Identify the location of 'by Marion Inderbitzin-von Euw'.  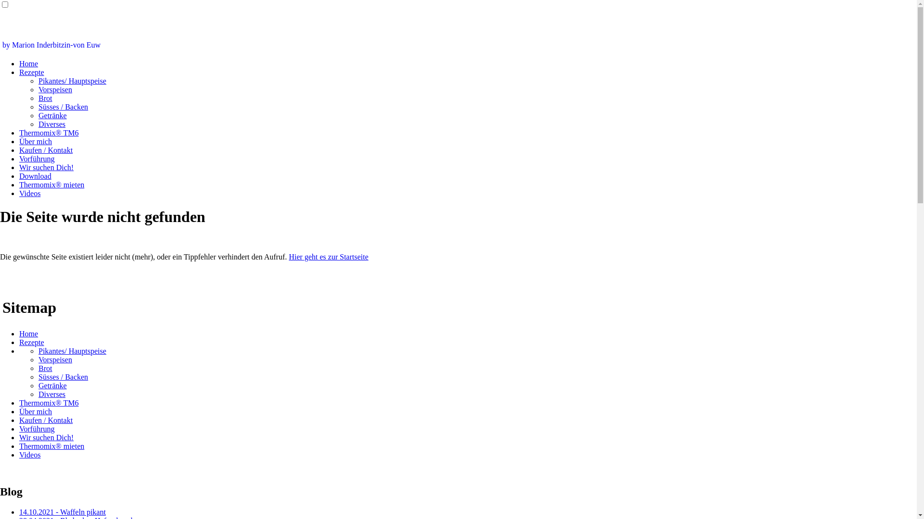
(2, 45).